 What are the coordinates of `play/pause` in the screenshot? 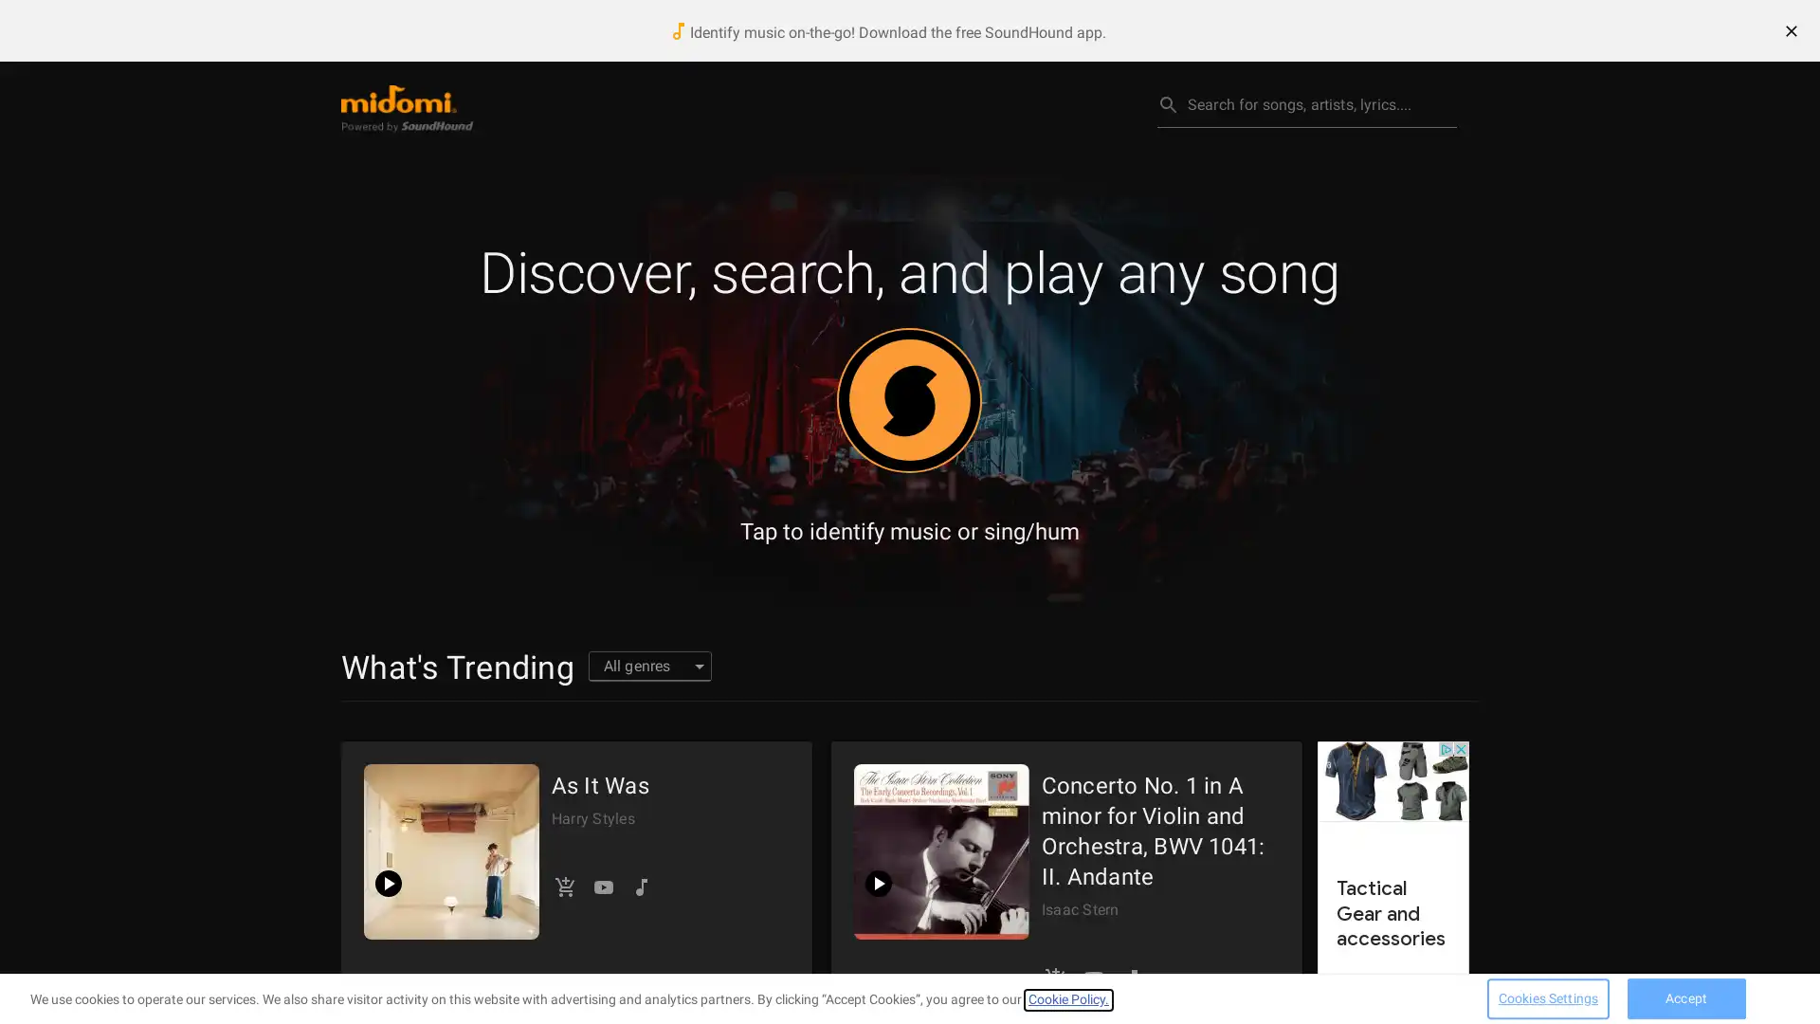 It's located at (877, 884).